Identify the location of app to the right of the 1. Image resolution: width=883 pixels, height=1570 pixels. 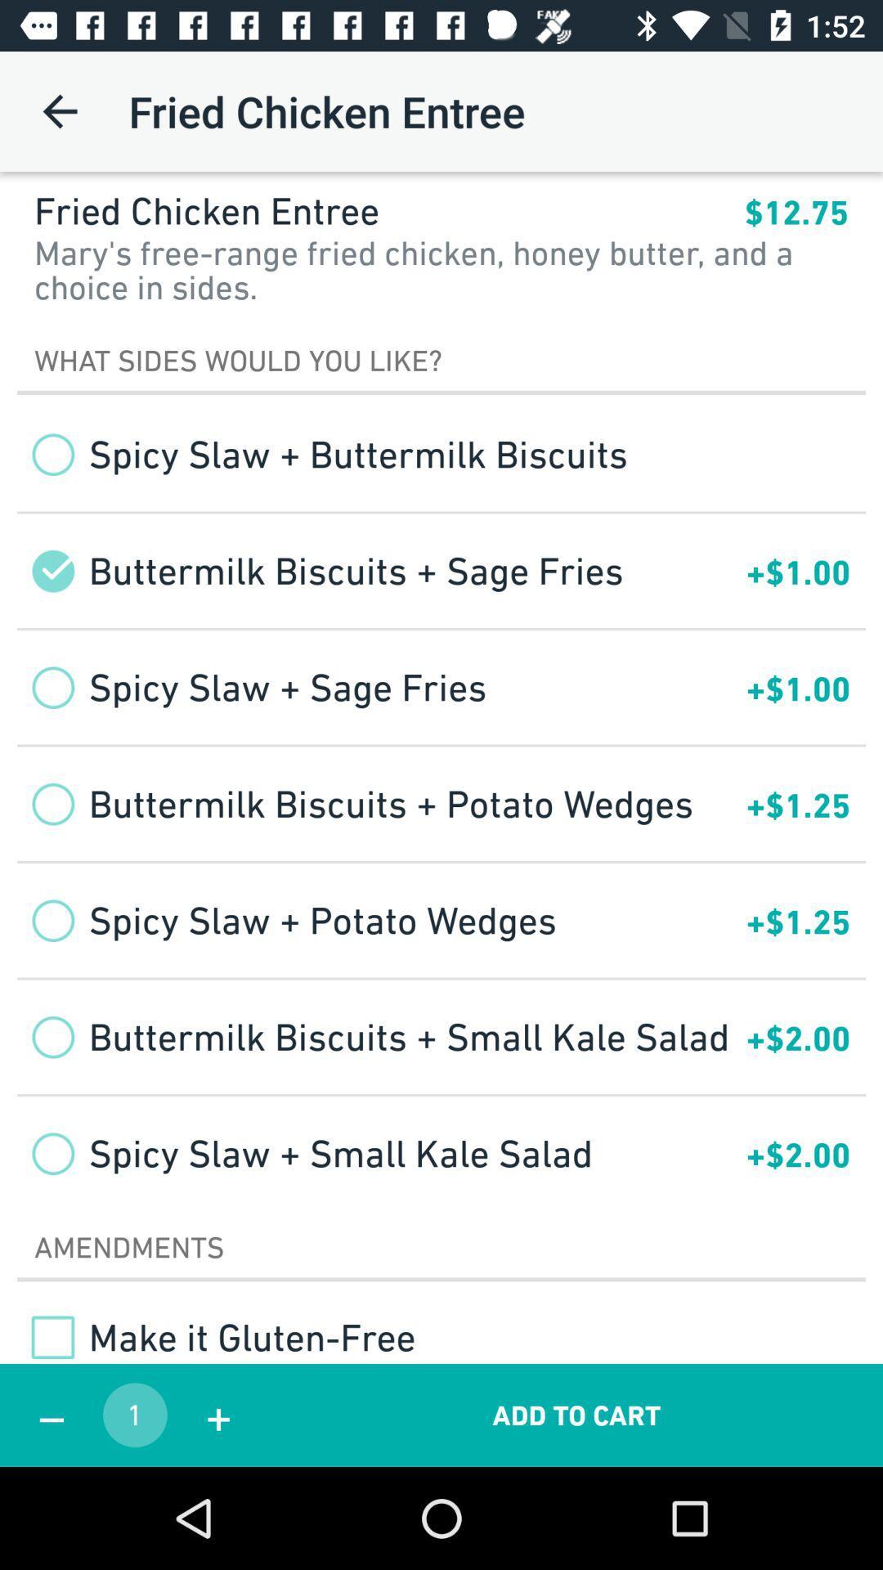
(217, 1415).